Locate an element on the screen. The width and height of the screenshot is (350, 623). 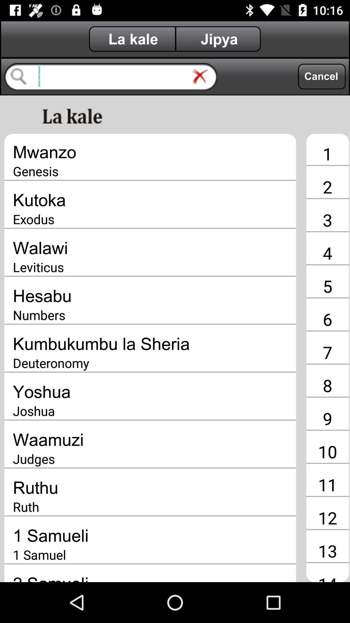
the 11 icon is located at coordinates (327, 484).